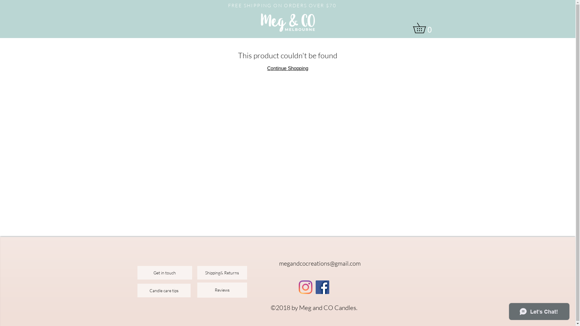 This screenshot has height=326, width=580. What do you see at coordinates (137, 273) in the screenshot?
I see `'Get in touch'` at bounding box center [137, 273].